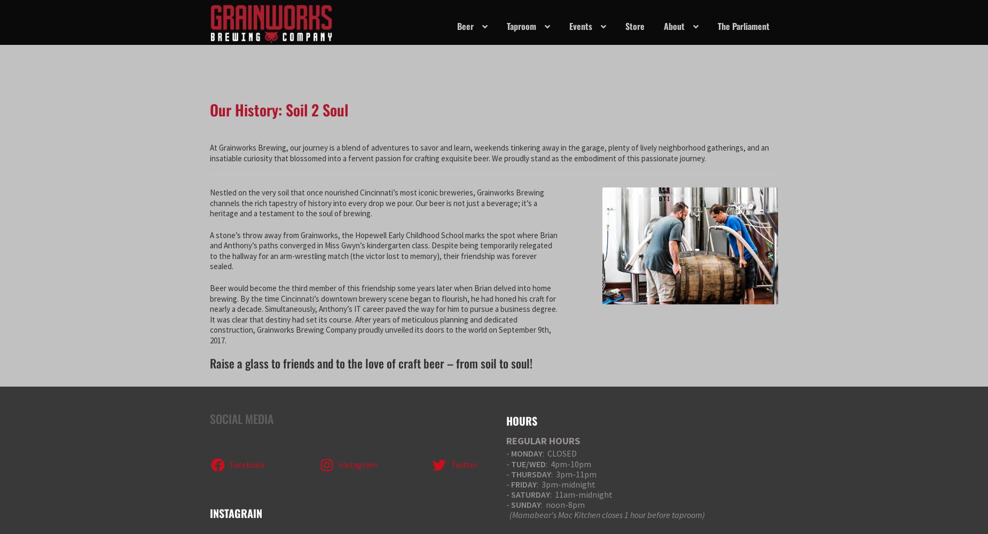 The width and height of the screenshot is (988, 534). Describe the element at coordinates (579, 26) in the screenshot. I see `'Events'` at that location.